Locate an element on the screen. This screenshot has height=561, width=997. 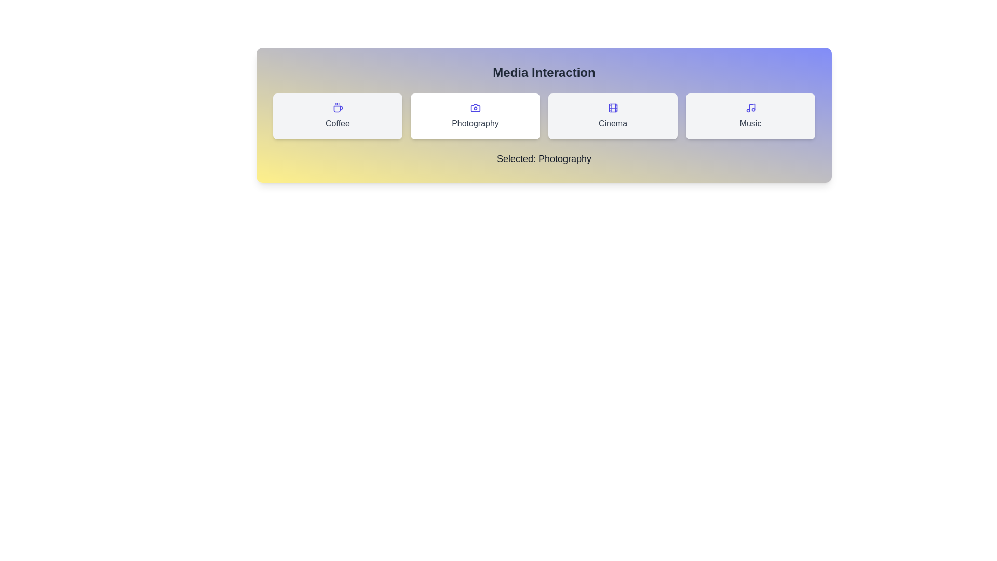
the text label that reads 'Coffee', which is styled with medium font weight and gray color, located under a coffee cup icon within a card is located at coordinates (338, 123).